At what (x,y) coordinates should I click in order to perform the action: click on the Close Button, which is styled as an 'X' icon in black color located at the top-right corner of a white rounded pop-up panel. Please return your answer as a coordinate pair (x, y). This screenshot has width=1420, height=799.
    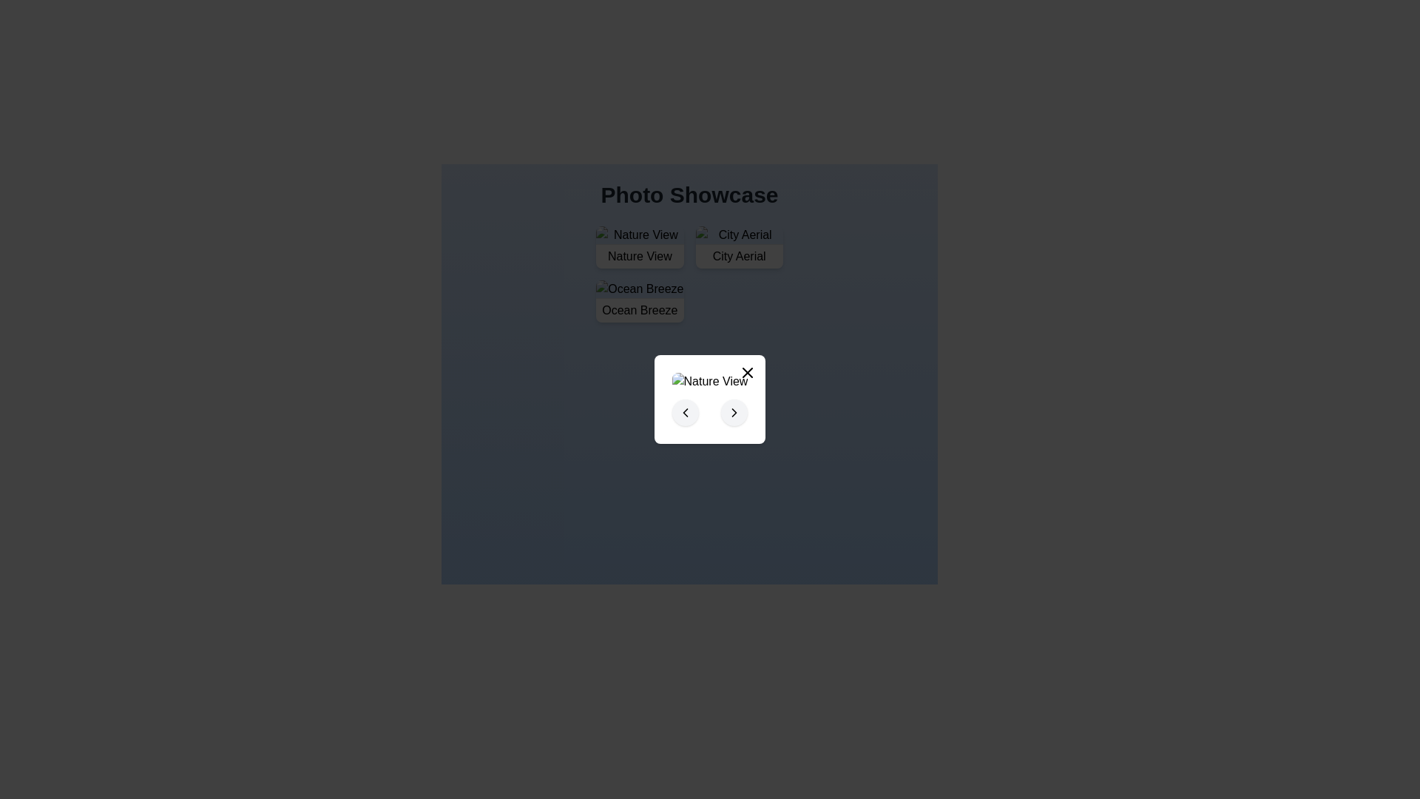
    Looking at the image, I should click on (748, 372).